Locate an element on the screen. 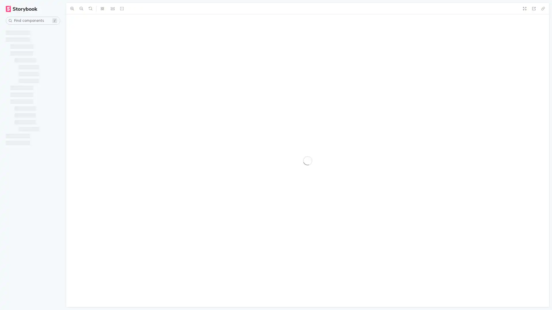  Change the background of the preview is located at coordinates (113, 9).